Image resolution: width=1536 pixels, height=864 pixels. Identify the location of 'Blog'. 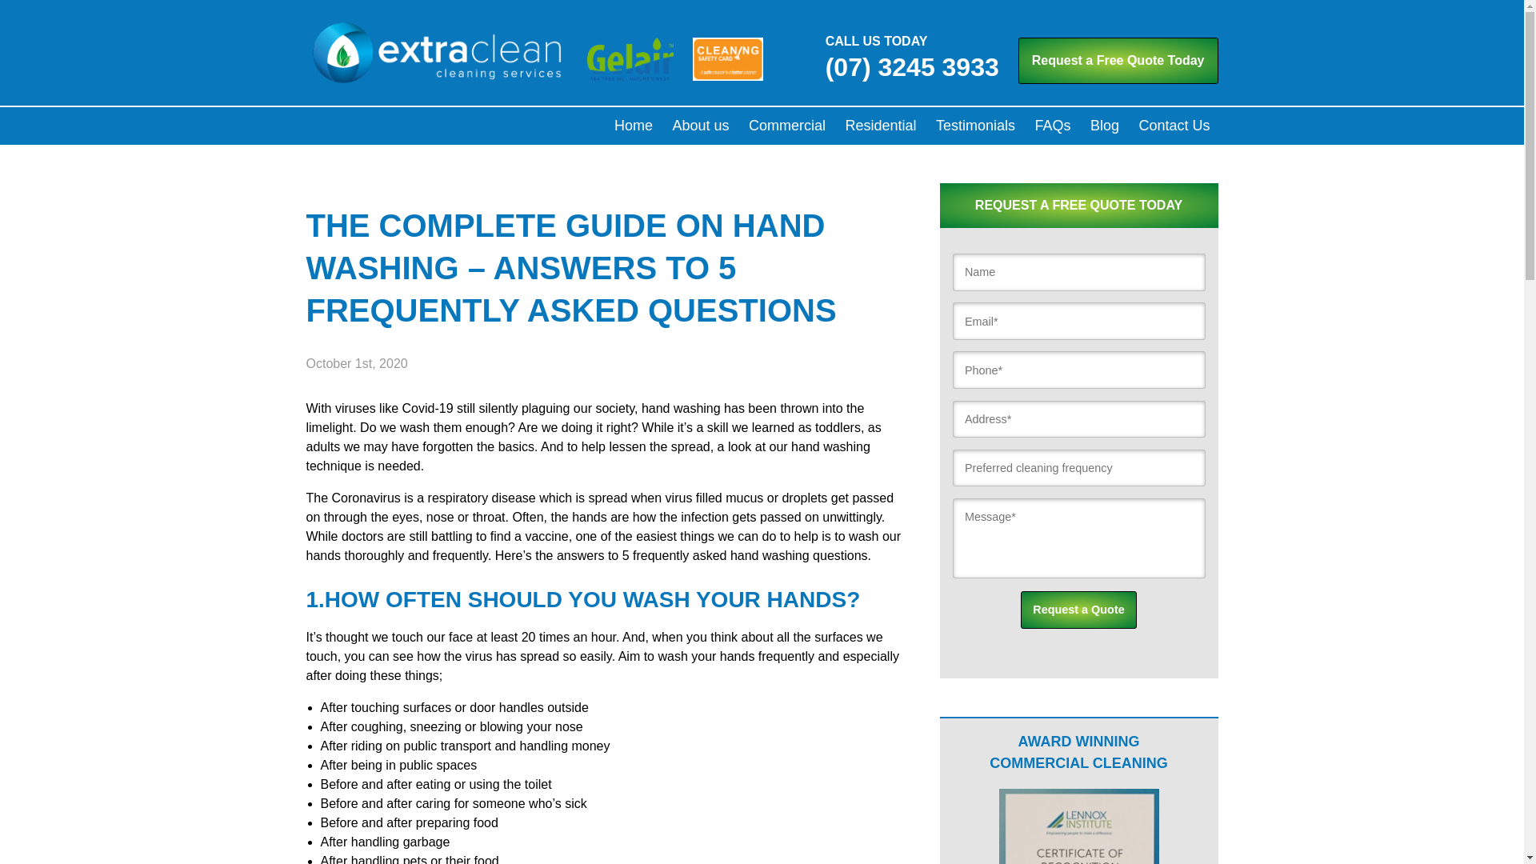
(1082, 125).